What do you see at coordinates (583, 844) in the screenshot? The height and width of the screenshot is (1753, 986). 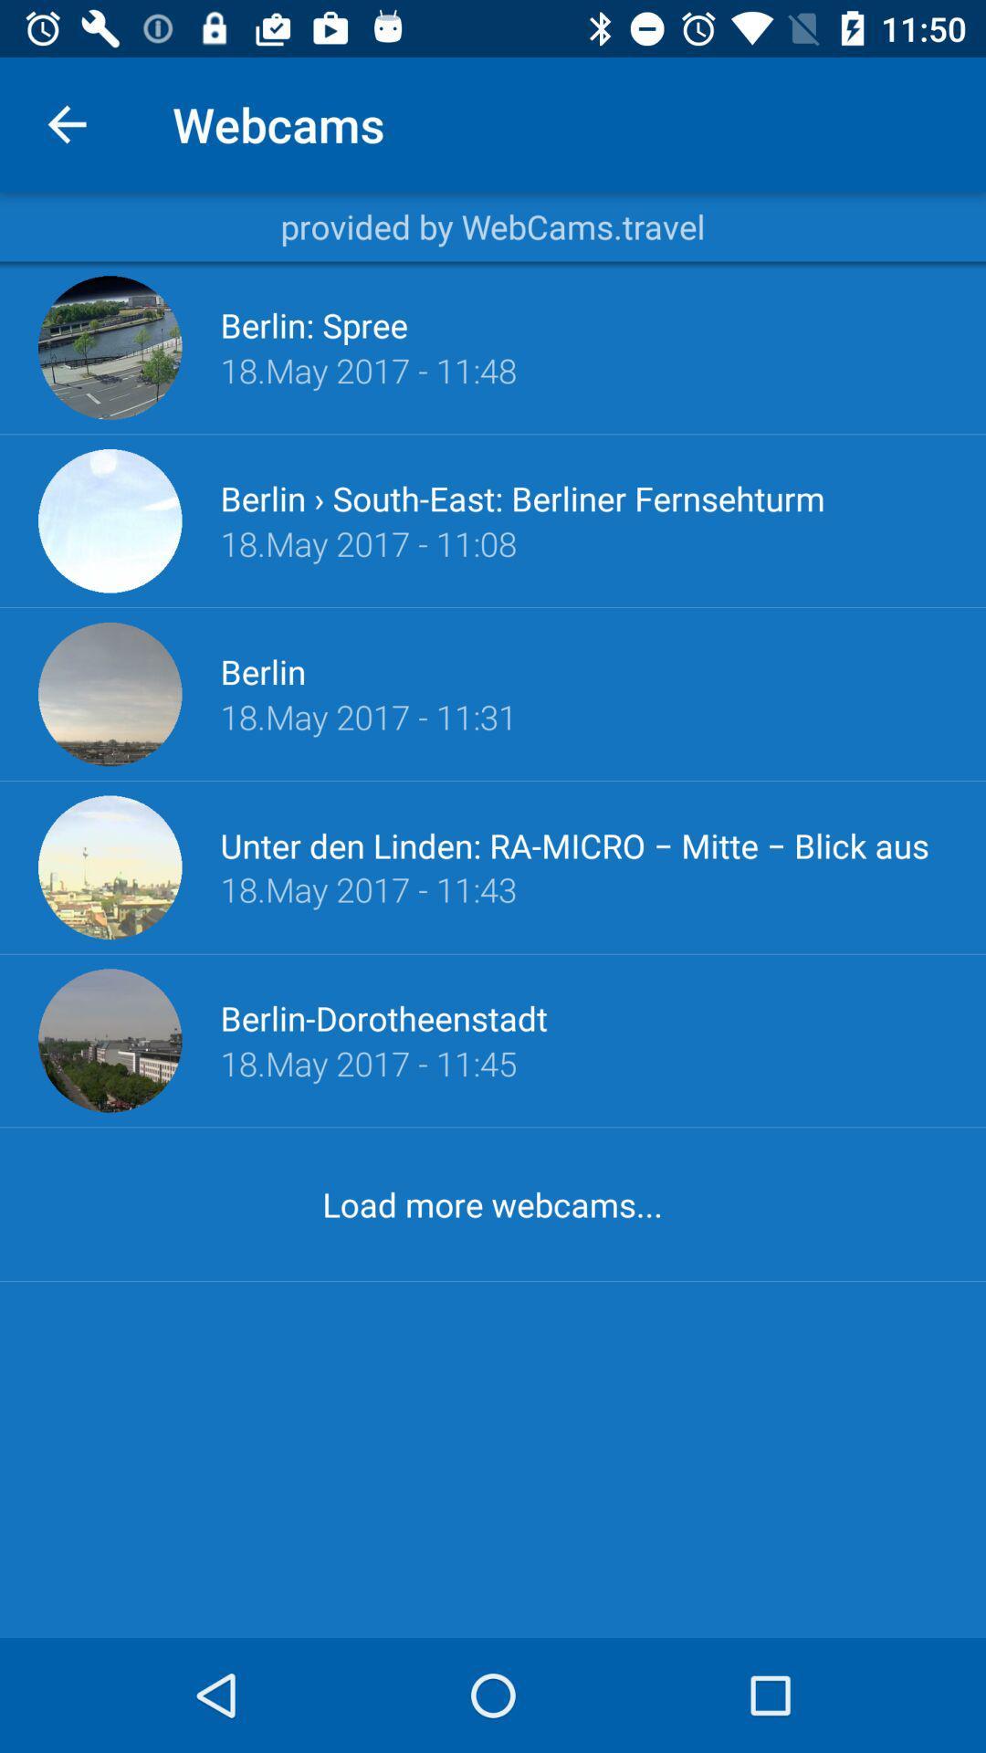 I see `the item above 18 may 2017` at bounding box center [583, 844].